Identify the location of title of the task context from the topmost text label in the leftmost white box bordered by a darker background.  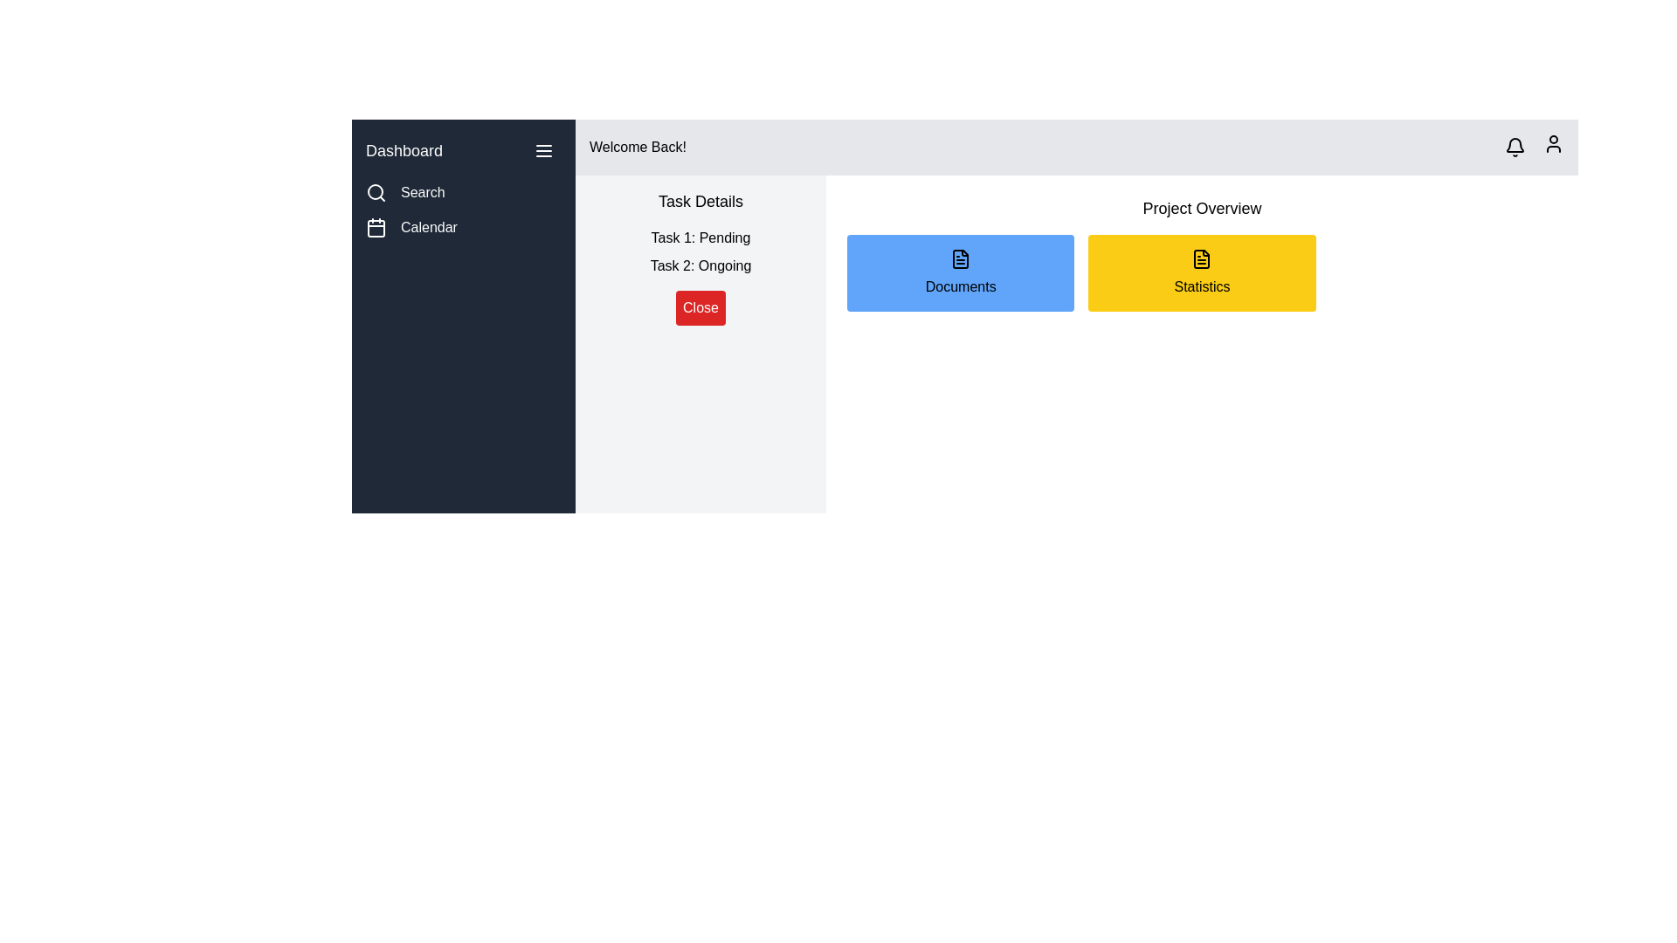
(700, 201).